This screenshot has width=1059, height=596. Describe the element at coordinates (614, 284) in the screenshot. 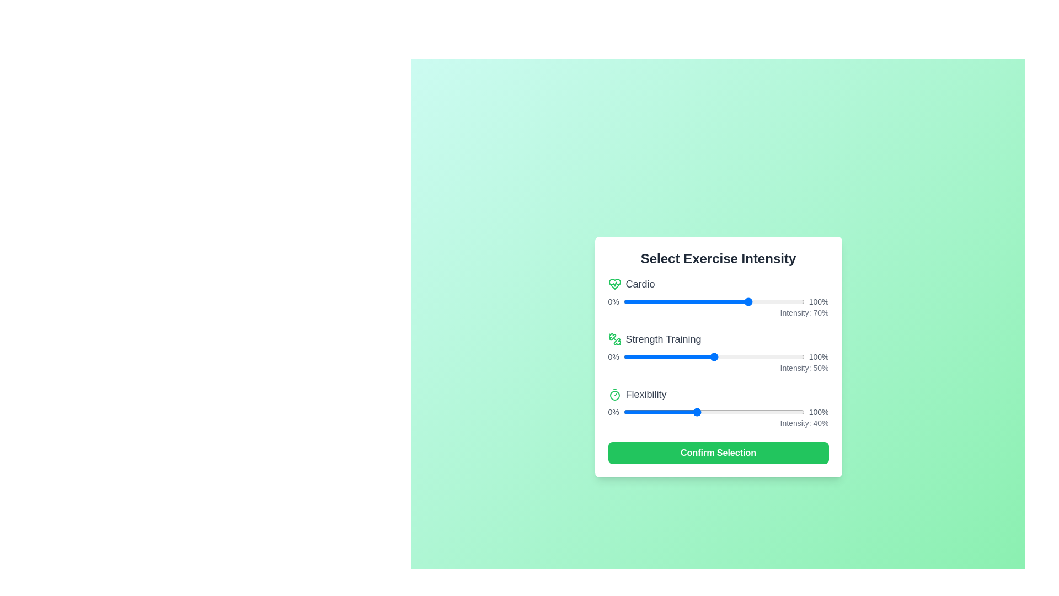

I see `the icon representing Cardio to inspect it` at that location.